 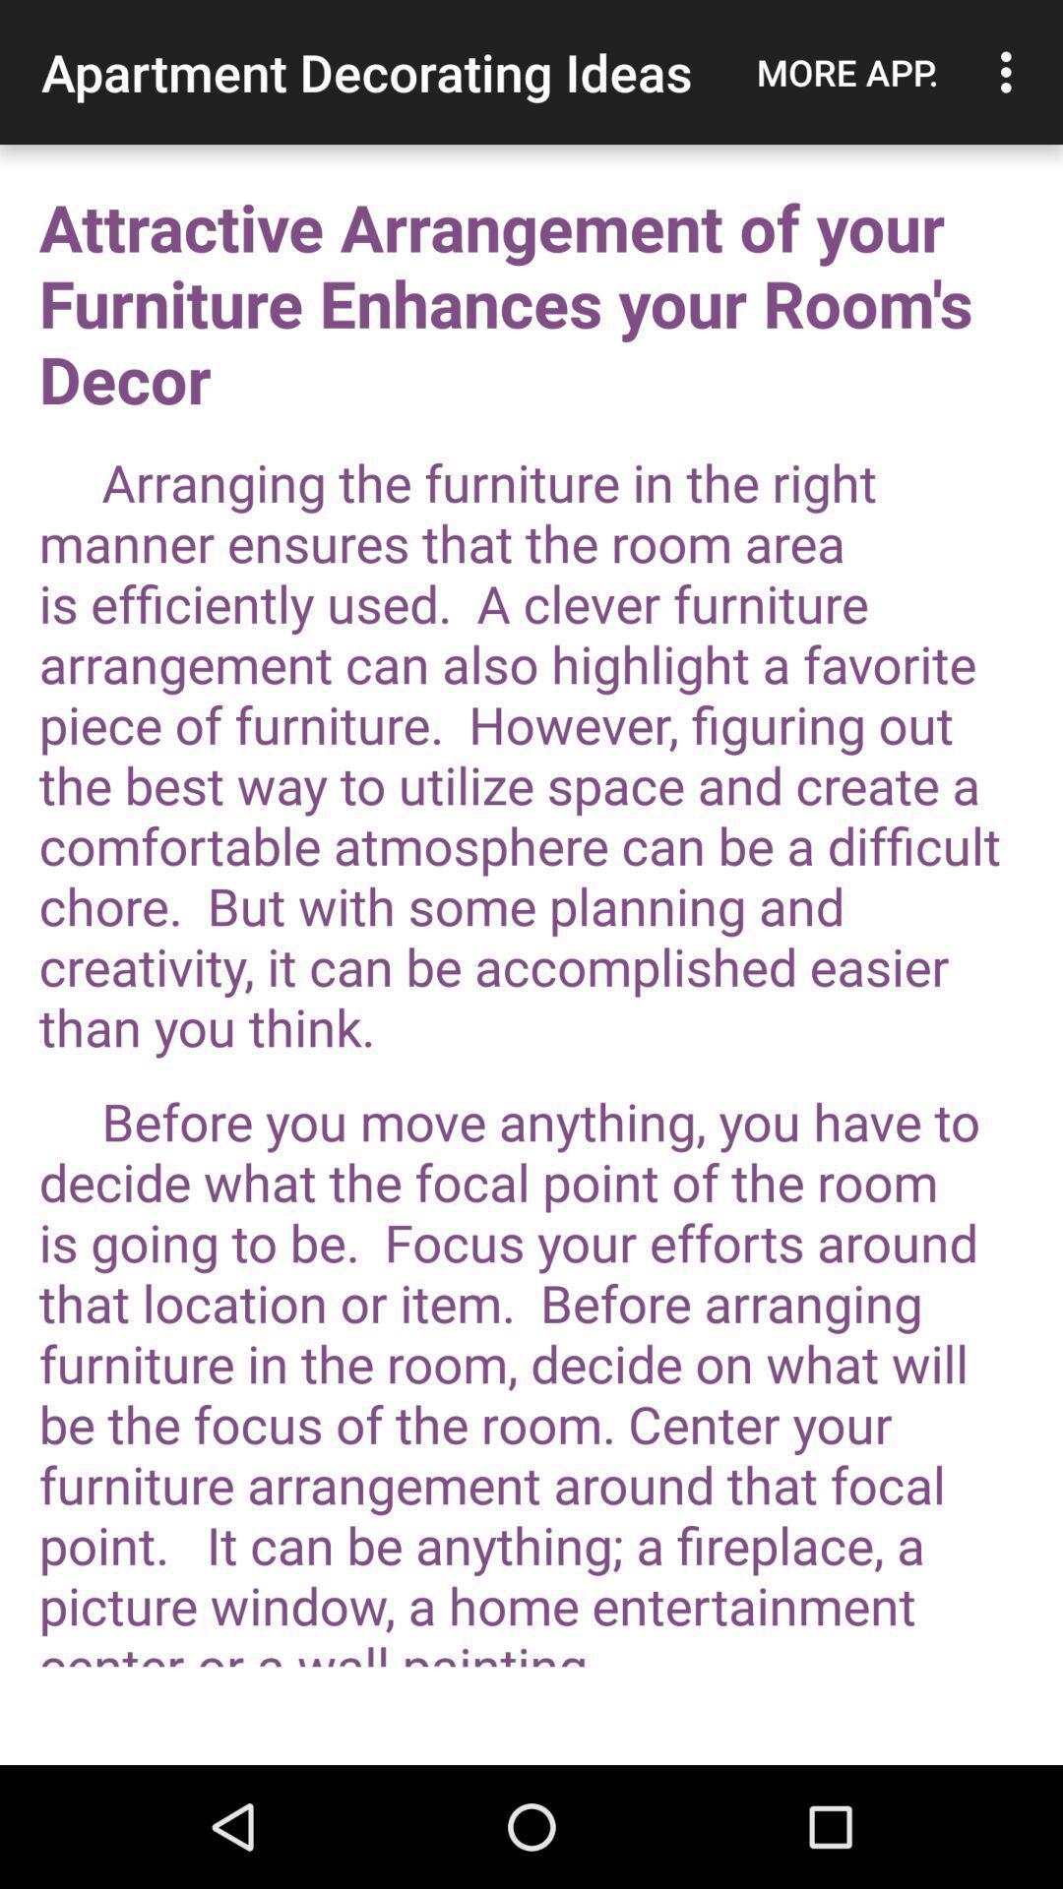 What do you see at coordinates (846, 72) in the screenshot?
I see `the app to the right of the apartment decorating ideas` at bounding box center [846, 72].